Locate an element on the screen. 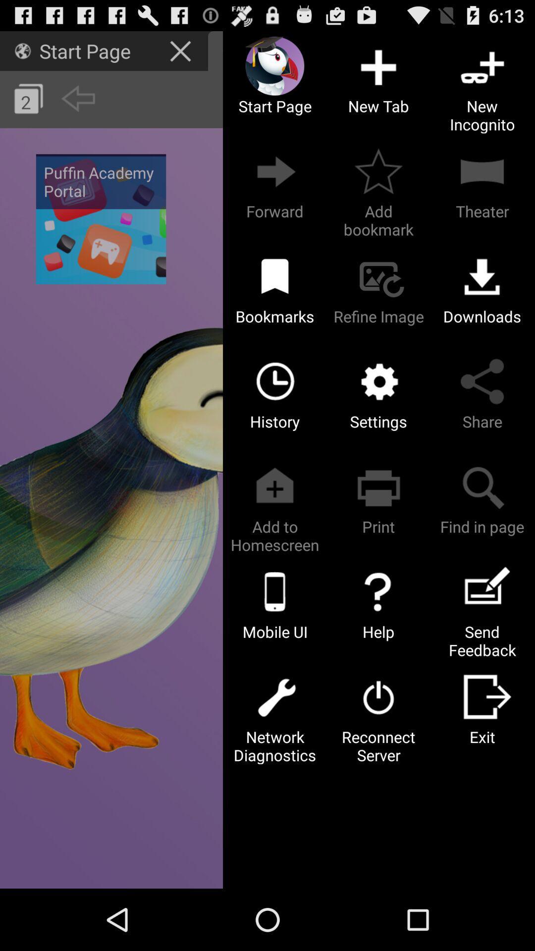 The width and height of the screenshot is (535, 951). bookmarks is located at coordinates (275, 295).